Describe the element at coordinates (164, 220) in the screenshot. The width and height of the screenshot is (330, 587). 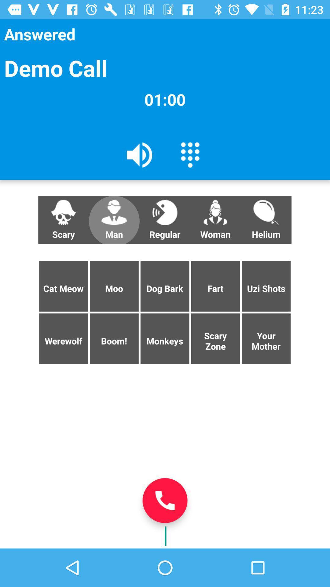
I see `button next to the man item` at that location.